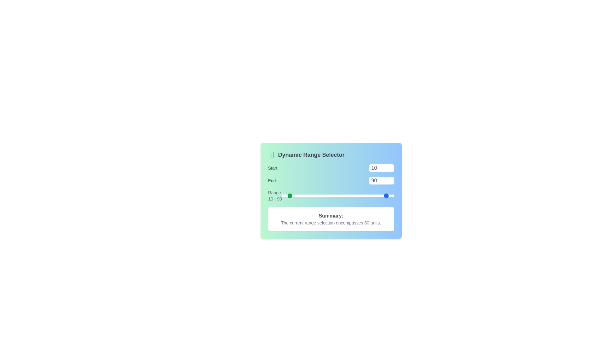  I want to click on the 'Start' range value to 36 using the input box, so click(381, 167).